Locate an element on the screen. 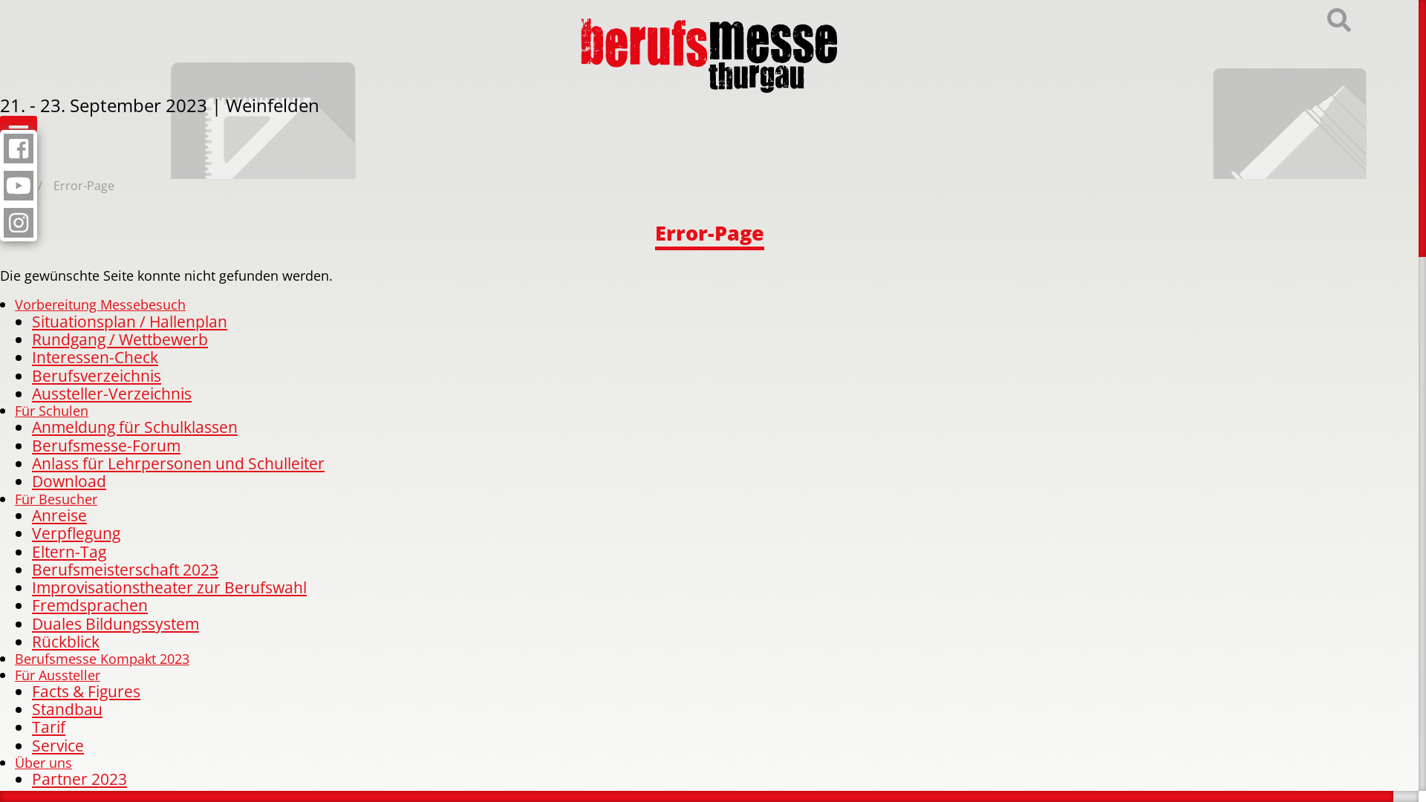 This screenshot has height=802, width=1426. 'Situationsplan / Hallenplan' is located at coordinates (129, 320).